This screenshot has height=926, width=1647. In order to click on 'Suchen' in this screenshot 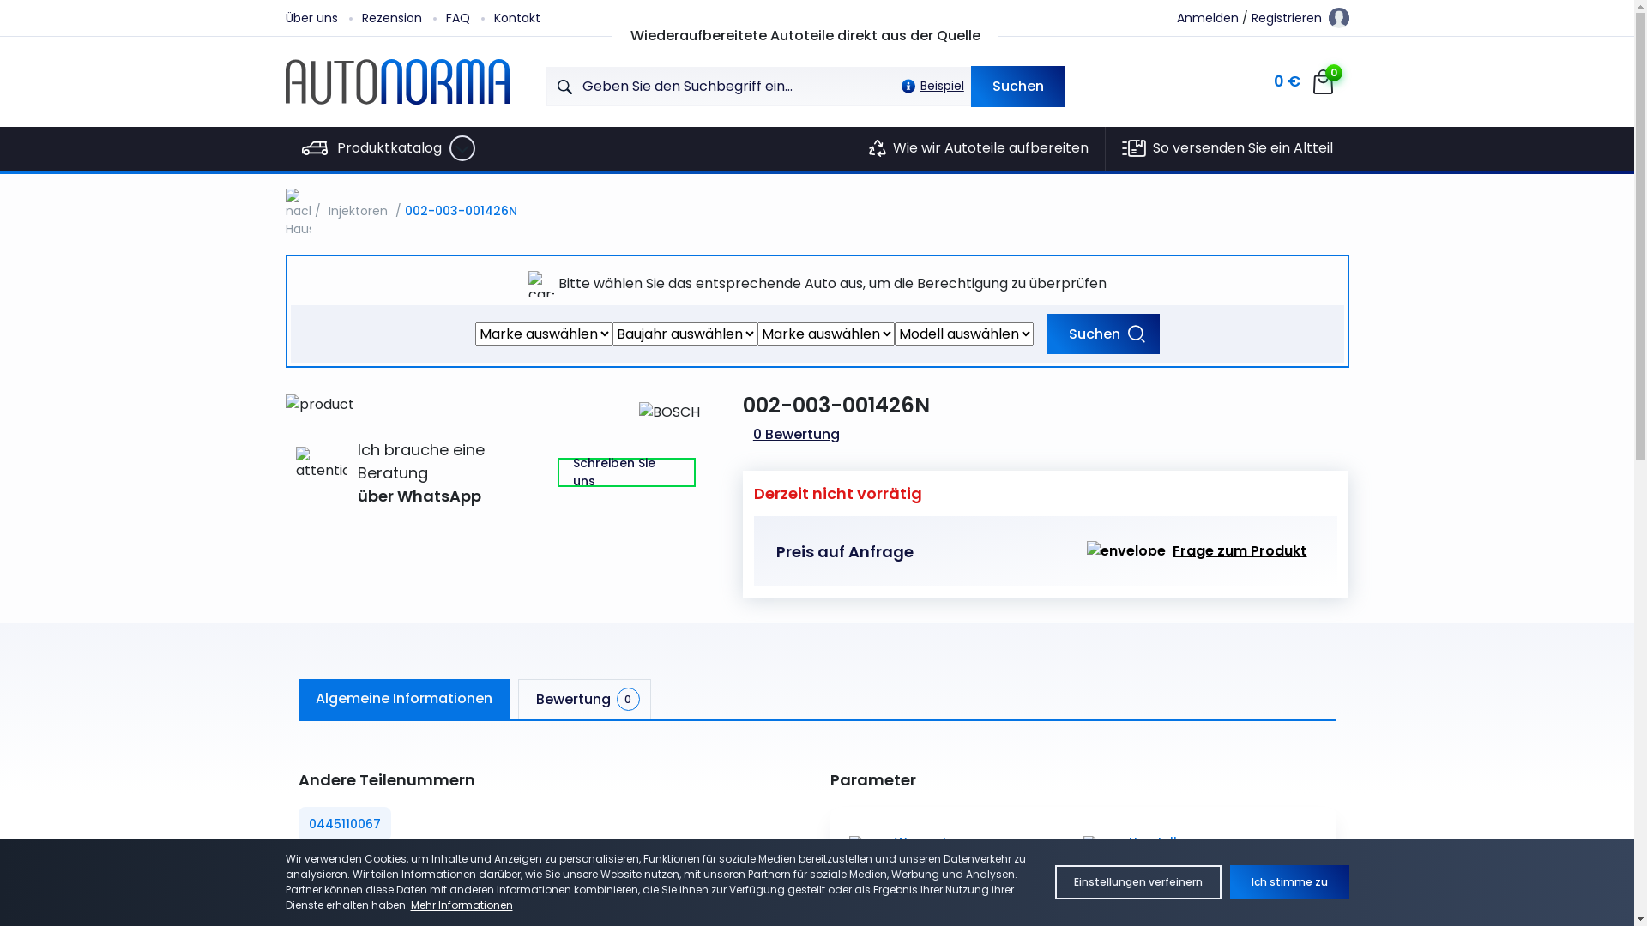, I will do `click(1102, 334)`.